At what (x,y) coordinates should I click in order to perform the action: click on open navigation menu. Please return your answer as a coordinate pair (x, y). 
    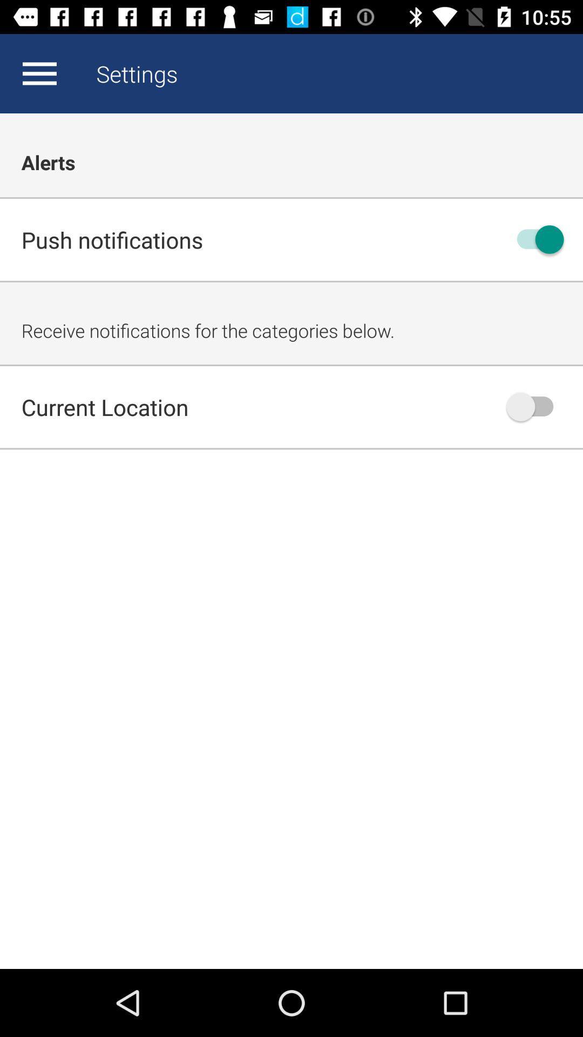
    Looking at the image, I should click on (39, 73).